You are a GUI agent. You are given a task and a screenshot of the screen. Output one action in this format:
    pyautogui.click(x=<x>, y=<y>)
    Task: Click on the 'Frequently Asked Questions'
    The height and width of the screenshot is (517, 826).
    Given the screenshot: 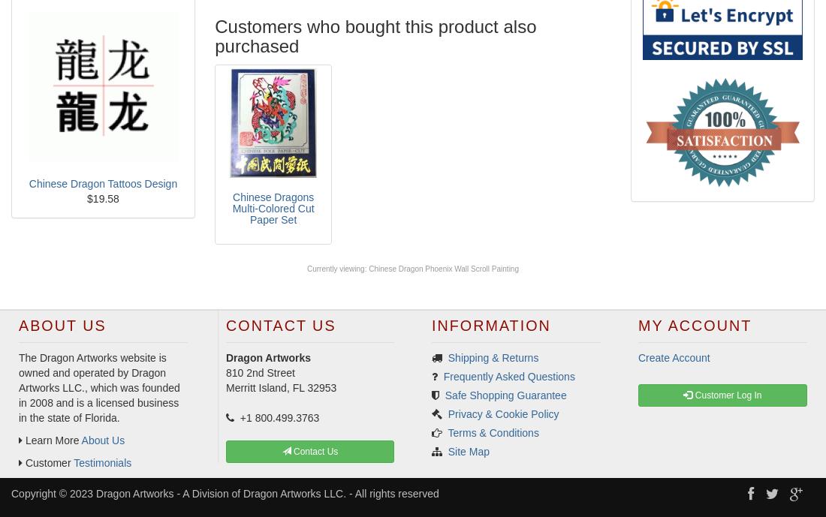 What is the action you would take?
    pyautogui.click(x=442, y=374)
    